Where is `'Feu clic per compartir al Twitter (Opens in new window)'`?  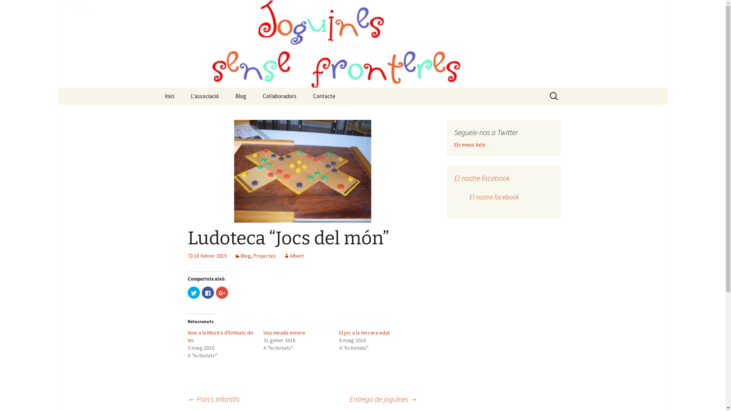 'Feu clic per compartir al Twitter (Opens in new window)' is located at coordinates (193, 292).